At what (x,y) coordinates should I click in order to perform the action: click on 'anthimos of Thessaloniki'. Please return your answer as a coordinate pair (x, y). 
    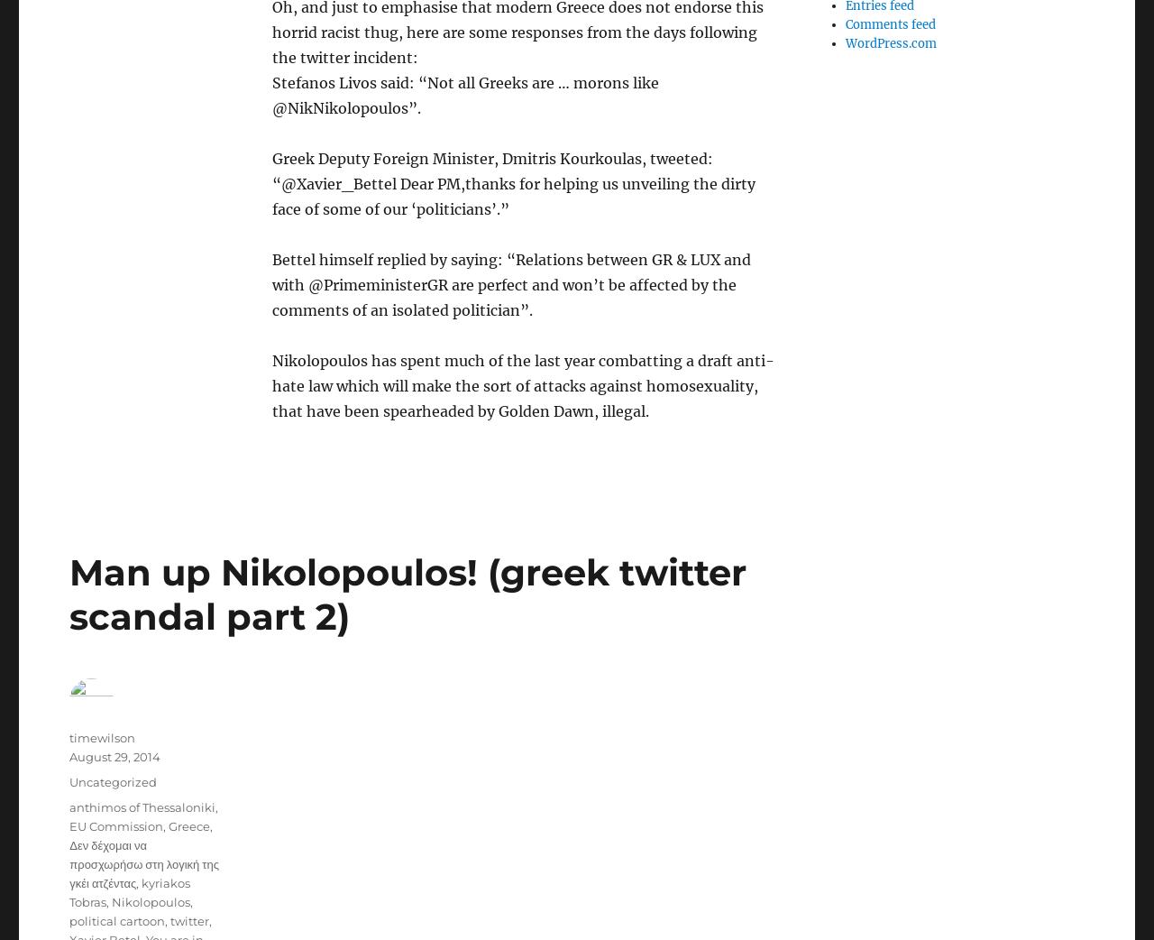
    Looking at the image, I should click on (141, 806).